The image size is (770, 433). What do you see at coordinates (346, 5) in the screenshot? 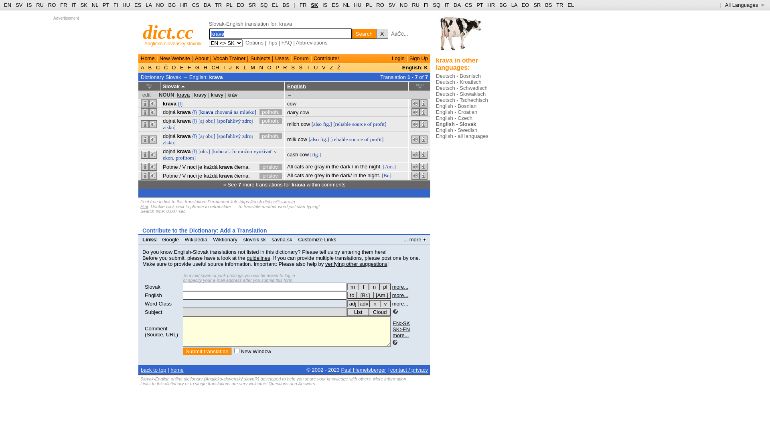
I see `'NL'` at bounding box center [346, 5].